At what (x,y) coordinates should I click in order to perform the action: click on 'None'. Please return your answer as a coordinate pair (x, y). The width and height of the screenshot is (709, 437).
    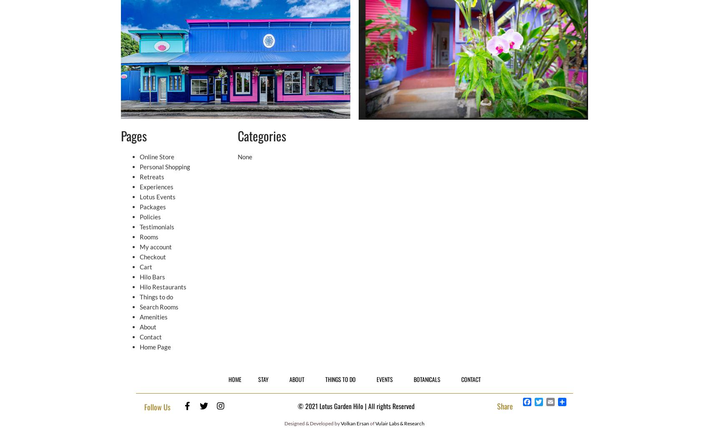
    Looking at the image, I should click on (244, 156).